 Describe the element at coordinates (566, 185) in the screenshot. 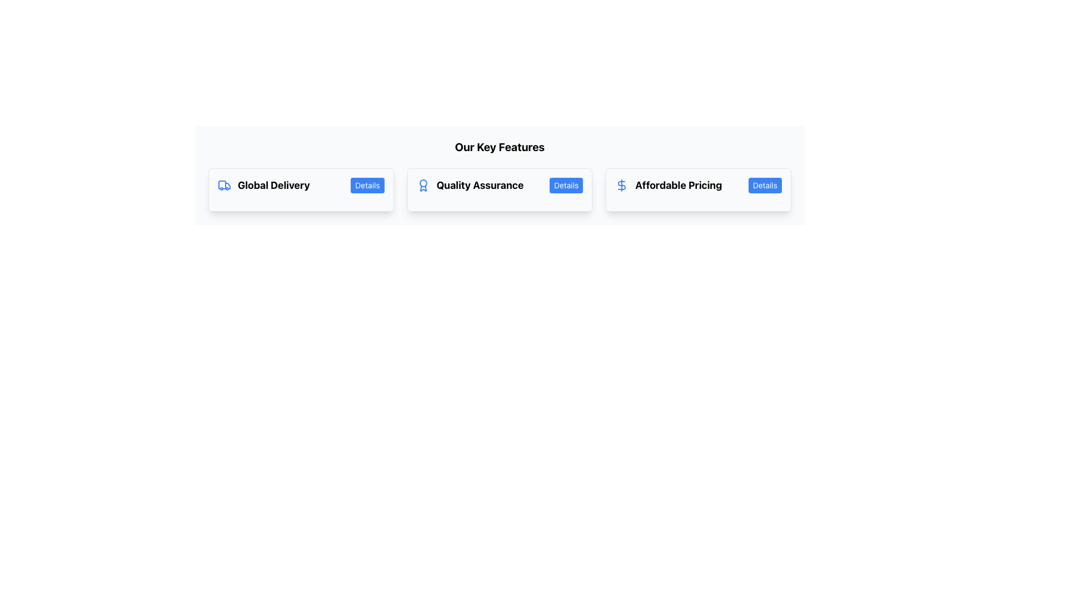

I see `the button located in the top-right corner of the 'Quality Assurance' card` at that location.